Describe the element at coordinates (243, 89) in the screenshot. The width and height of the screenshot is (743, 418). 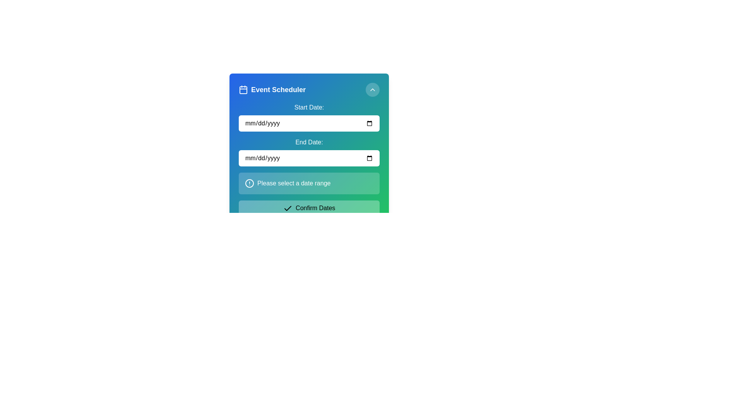
I see `the minimalistic rectangular icon with rounded corners, which is part of the calendar icon located to the left of the 'Event Scheduler' title` at that location.